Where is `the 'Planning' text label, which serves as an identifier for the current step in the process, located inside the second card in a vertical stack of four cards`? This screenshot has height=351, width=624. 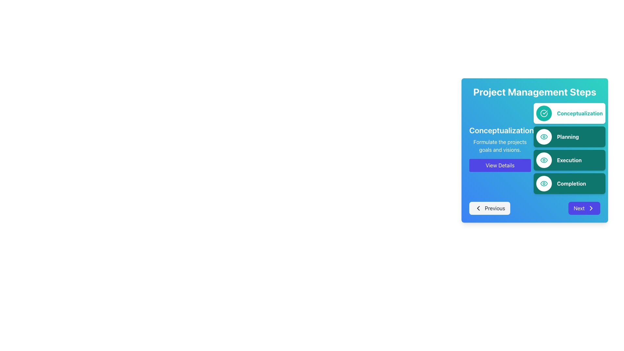
the 'Planning' text label, which serves as an identifier for the current step in the process, located inside the second card in a vertical stack of four cards is located at coordinates (567, 136).